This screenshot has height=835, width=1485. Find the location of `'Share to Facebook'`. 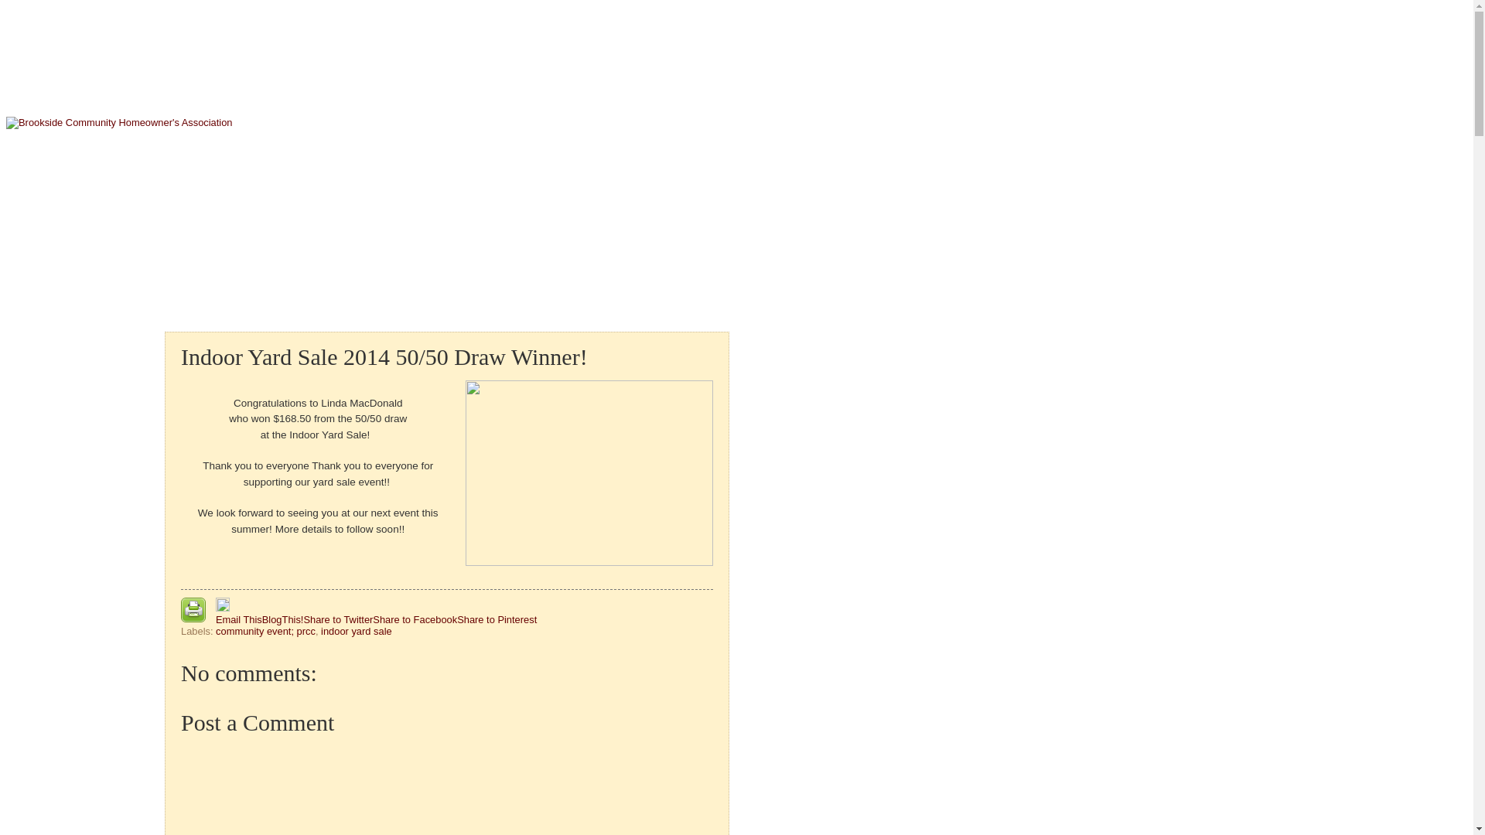

'Share to Facebook' is located at coordinates (415, 619).